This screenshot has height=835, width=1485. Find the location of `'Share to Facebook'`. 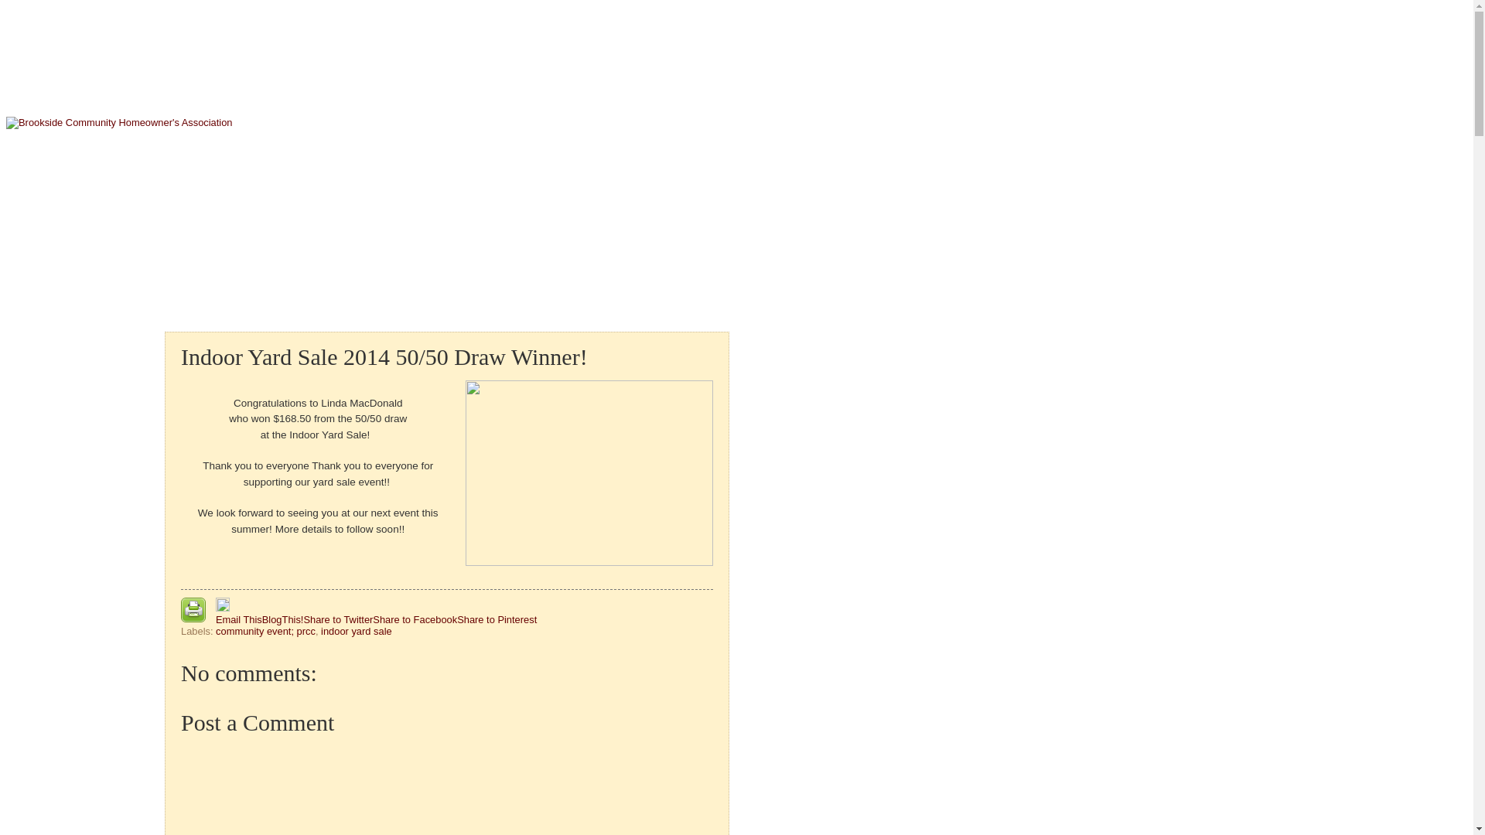

'Share to Facebook' is located at coordinates (415, 619).